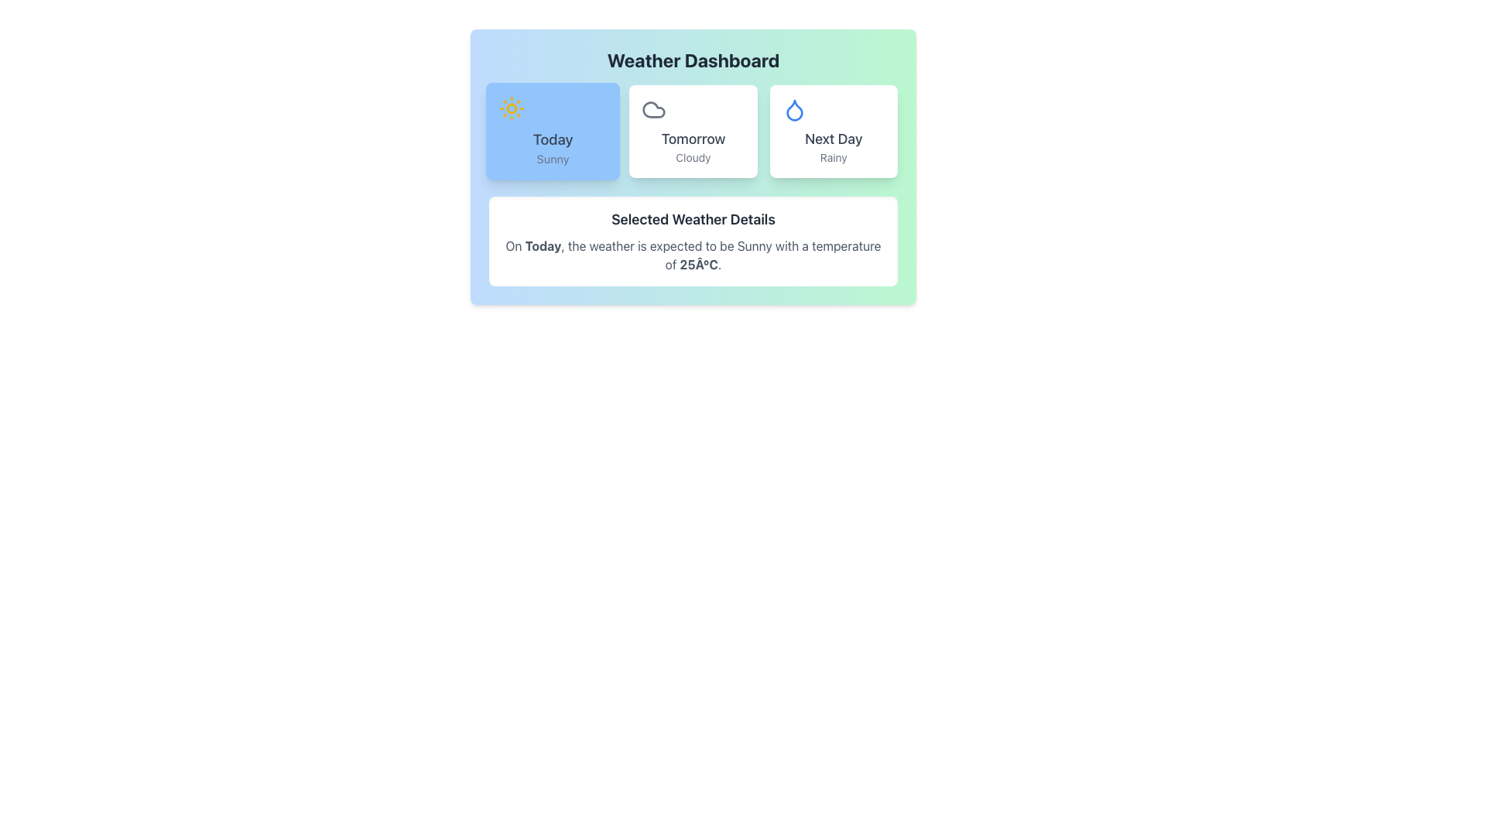 This screenshot has height=836, width=1486. What do you see at coordinates (512, 108) in the screenshot?
I see `the sunny weather icon located in the top-left section of the weather dashboard, which visually represents the label 'Today'` at bounding box center [512, 108].